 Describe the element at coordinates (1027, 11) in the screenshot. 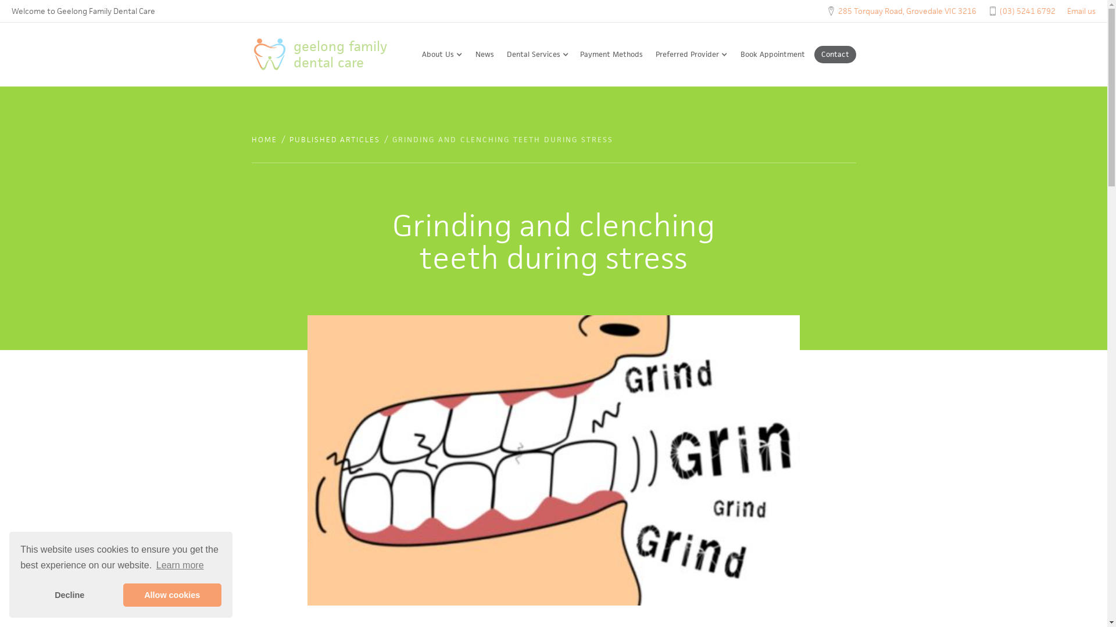

I see `'(03) 5241 6792'` at that location.